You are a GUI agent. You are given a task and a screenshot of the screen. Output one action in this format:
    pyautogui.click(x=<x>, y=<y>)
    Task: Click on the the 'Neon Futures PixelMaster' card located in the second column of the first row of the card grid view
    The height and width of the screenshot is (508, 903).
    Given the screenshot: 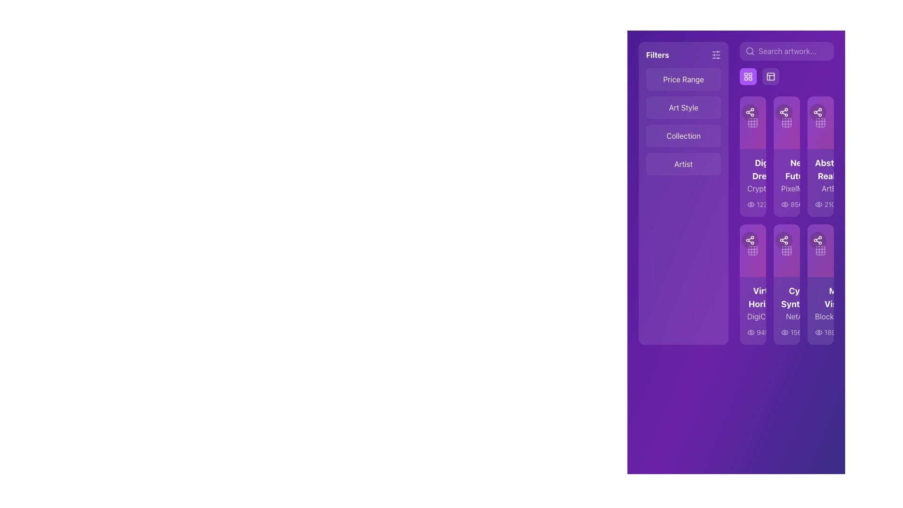 What is the action you would take?
    pyautogui.click(x=787, y=175)
    